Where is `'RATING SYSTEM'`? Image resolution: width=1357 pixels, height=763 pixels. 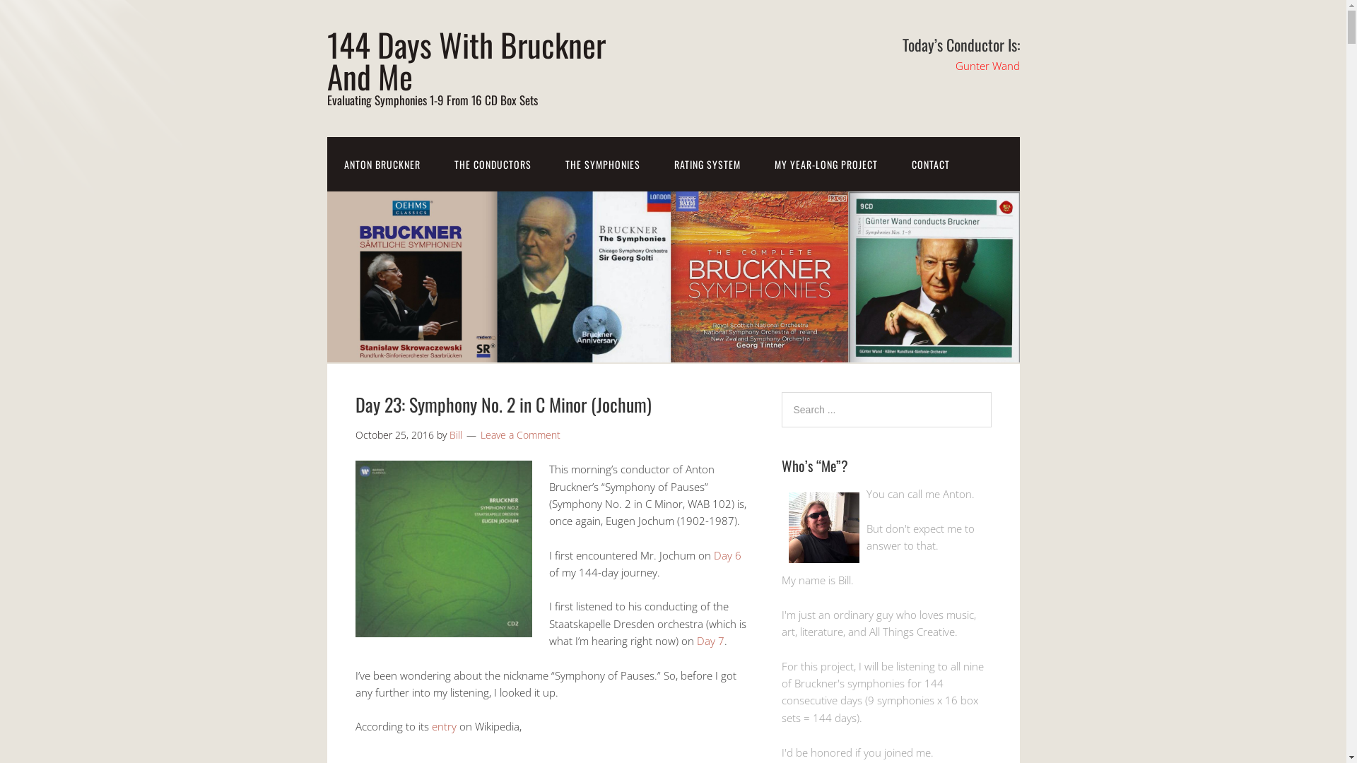 'RATING SYSTEM' is located at coordinates (707, 163).